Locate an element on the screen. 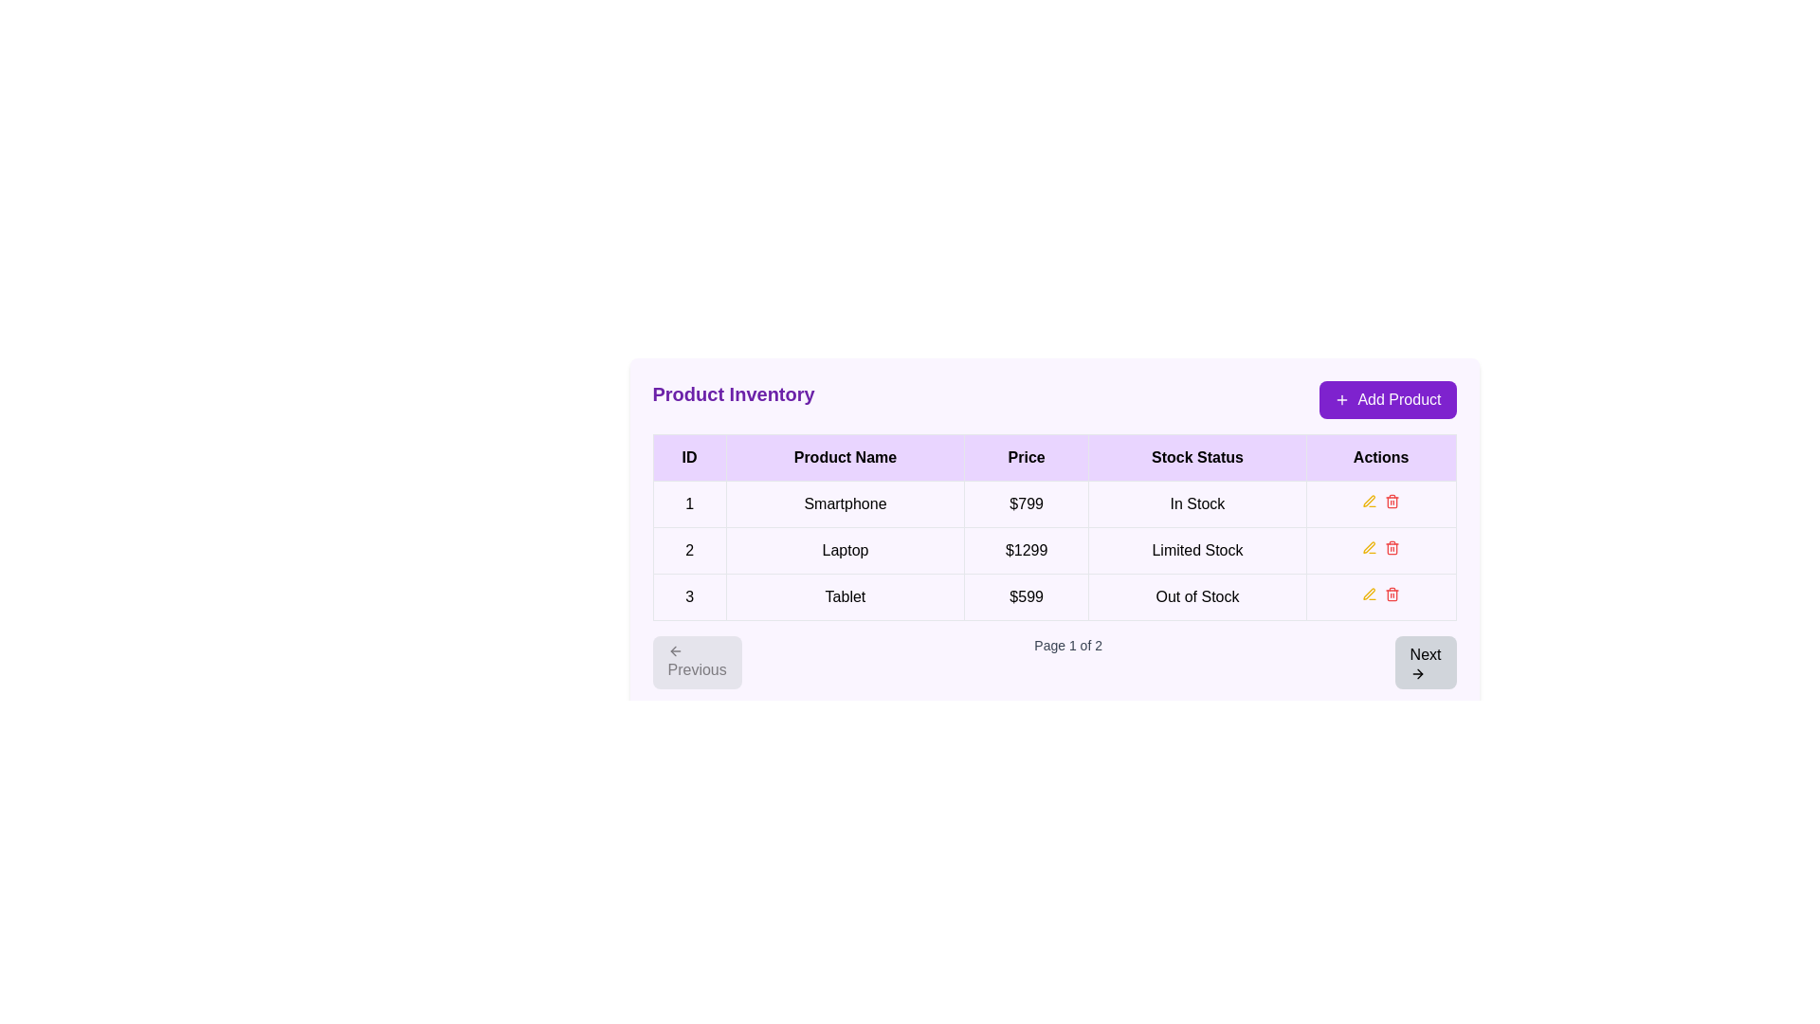 The width and height of the screenshot is (1820, 1024). the text label displaying 'Smartphone', which is located in the second column of the first row of the product inventory table under the 'Product Name' header is located at coordinates (845, 503).